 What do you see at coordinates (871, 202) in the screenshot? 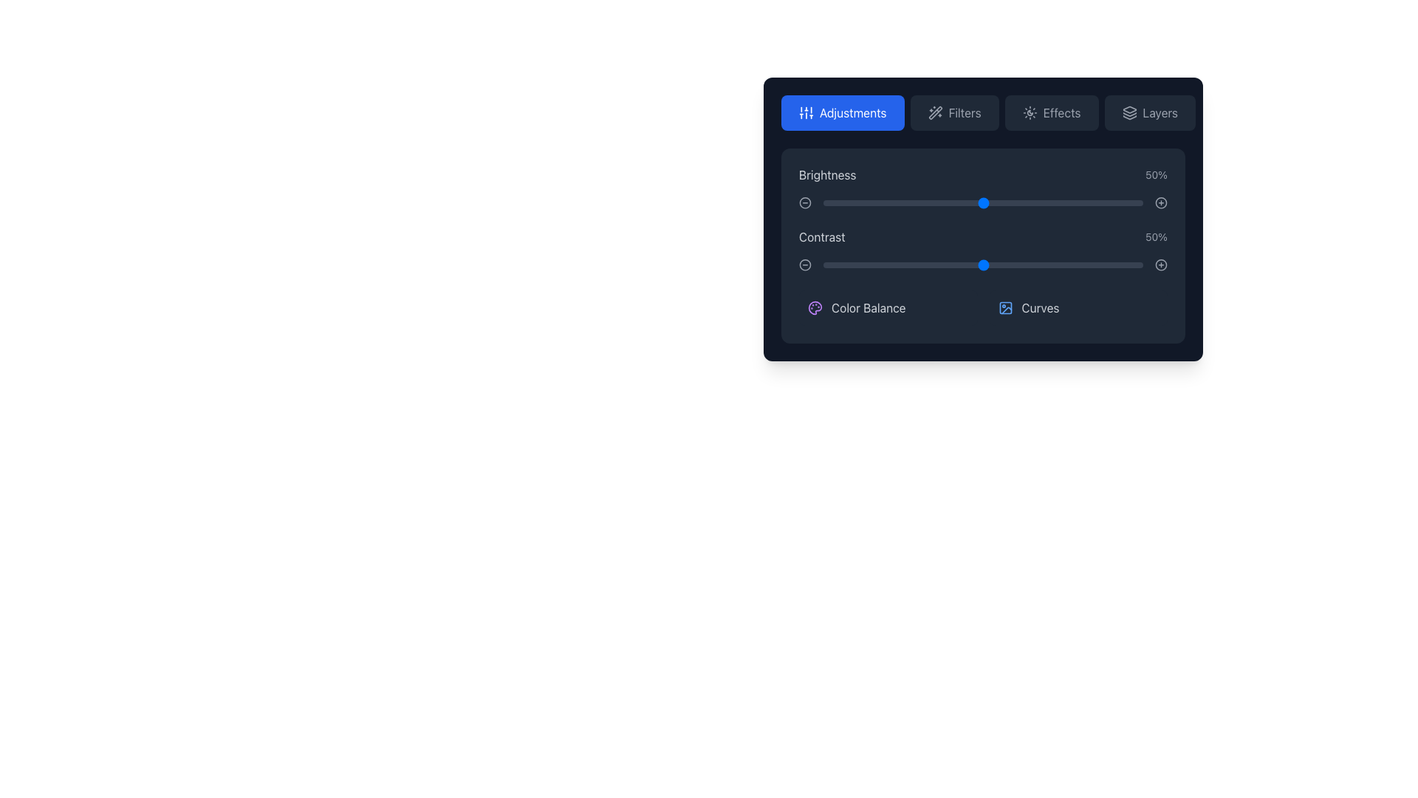
I see `brightness` at bounding box center [871, 202].